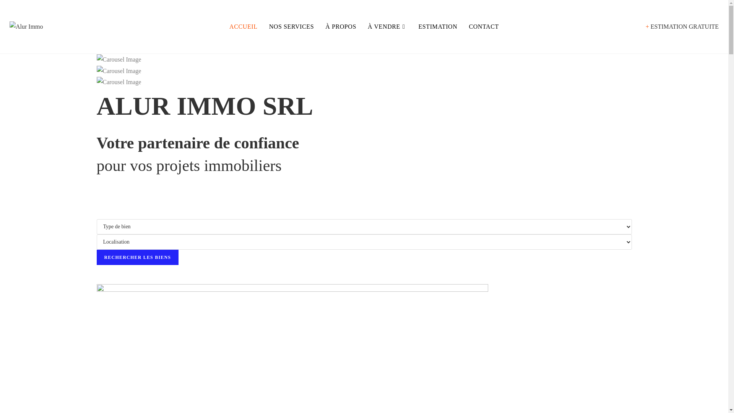  I want to click on 'ESTIMATION', so click(438, 26).